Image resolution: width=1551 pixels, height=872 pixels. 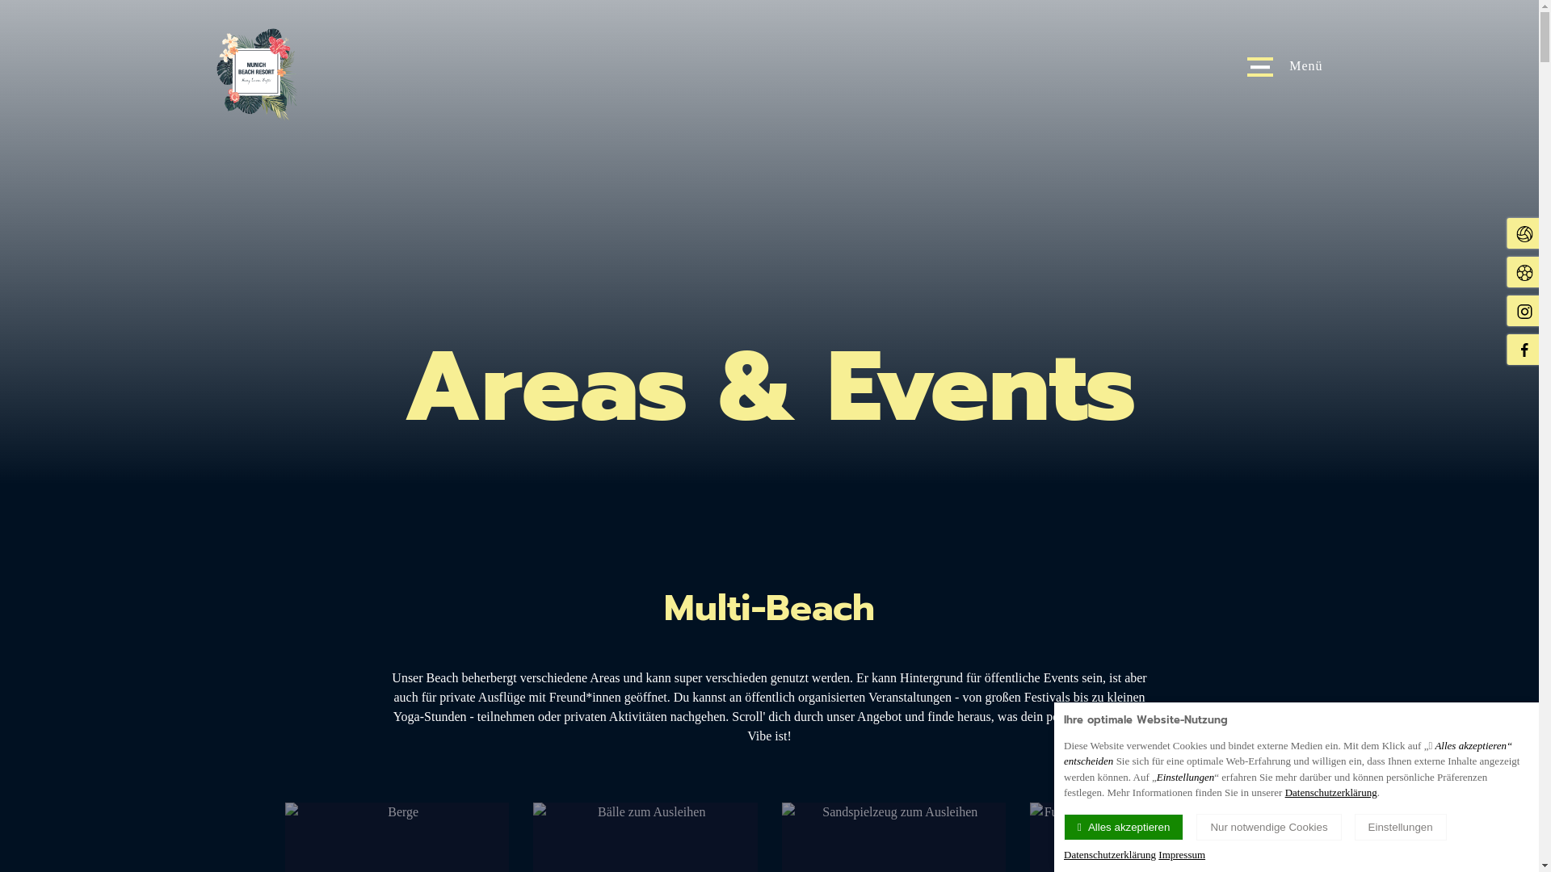 What do you see at coordinates (1182, 853) in the screenshot?
I see `'Impressum'` at bounding box center [1182, 853].